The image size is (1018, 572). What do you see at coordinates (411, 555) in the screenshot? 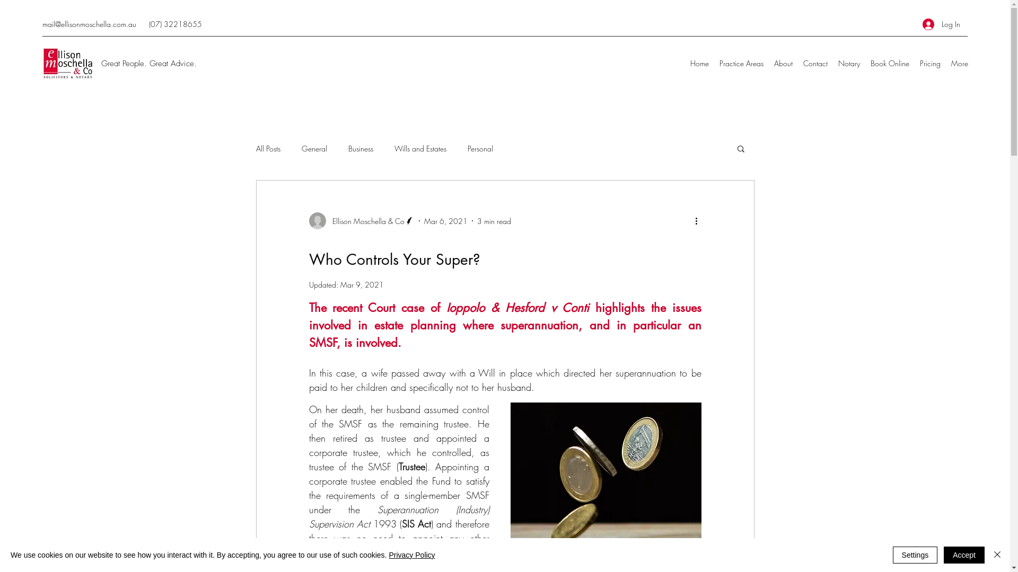
I see `'Privacy Policy'` at bounding box center [411, 555].